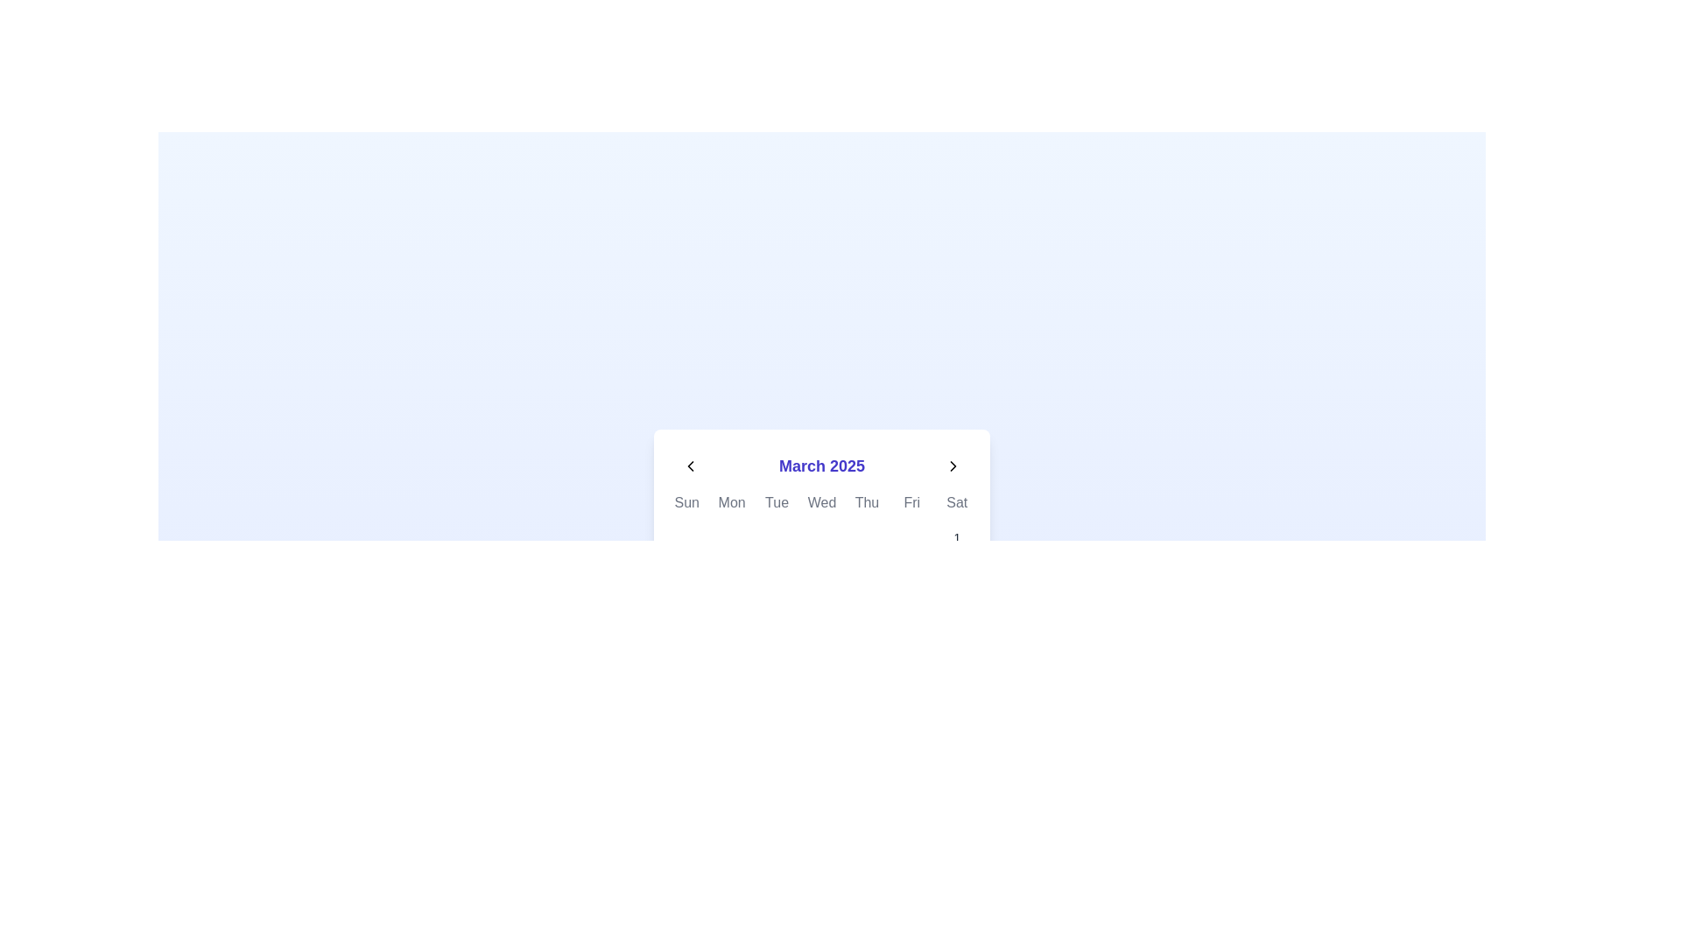  Describe the element at coordinates (911, 502) in the screenshot. I see `the text label denoting 'Friday' in the weekly calendar layout, which is the sixth item from the left in the row of day abbreviations` at that location.